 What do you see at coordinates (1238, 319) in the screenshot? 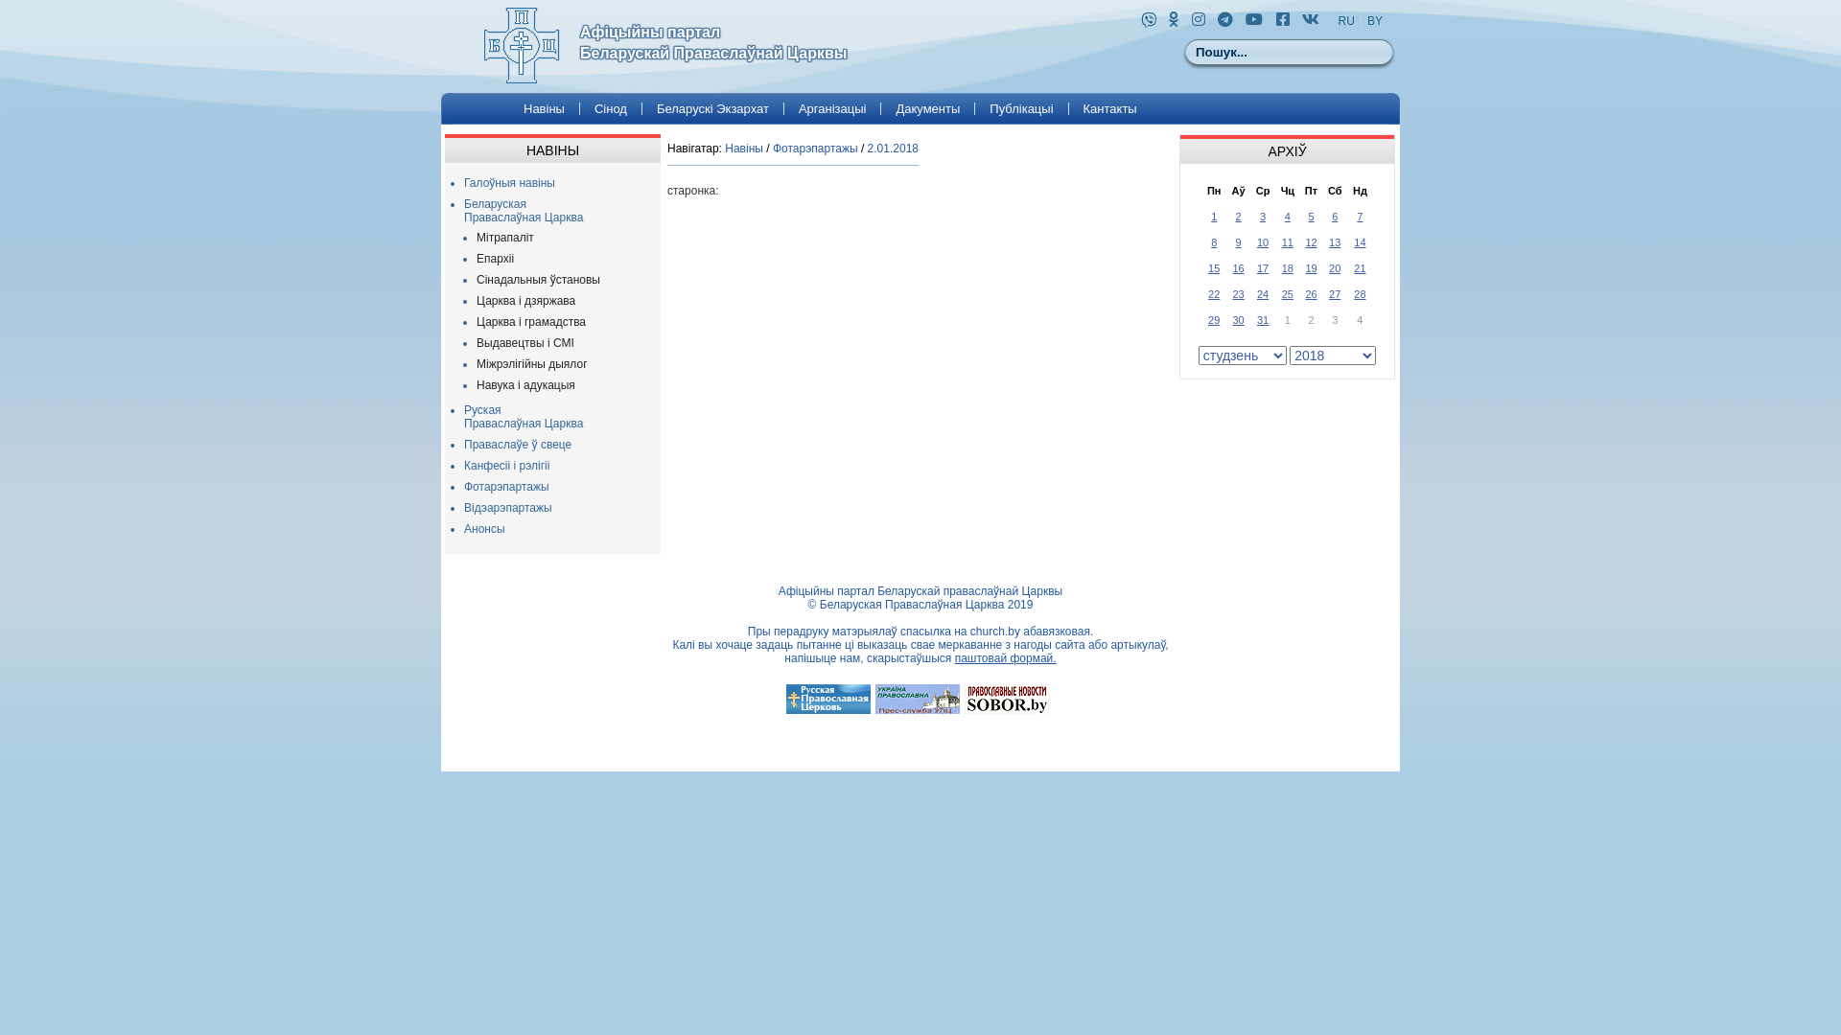
I see `'30'` at bounding box center [1238, 319].